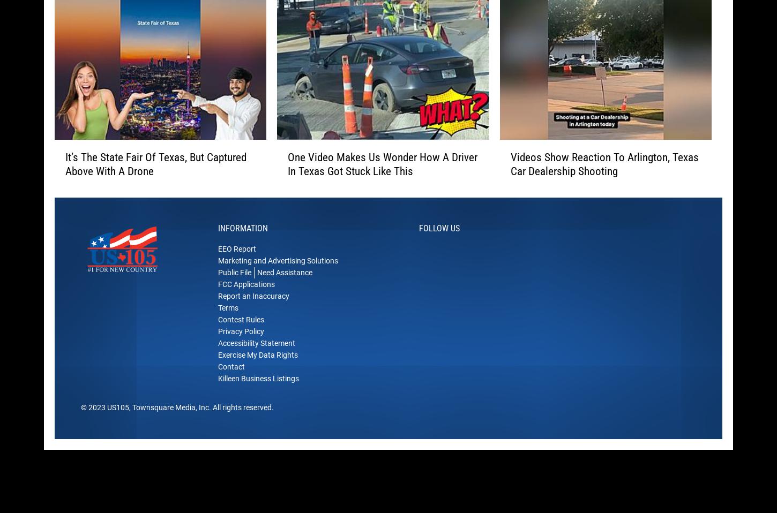 This screenshot has width=777, height=513. Describe the element at coordinates (117, 424) in the screenshot. I see `'US105'` at that location.